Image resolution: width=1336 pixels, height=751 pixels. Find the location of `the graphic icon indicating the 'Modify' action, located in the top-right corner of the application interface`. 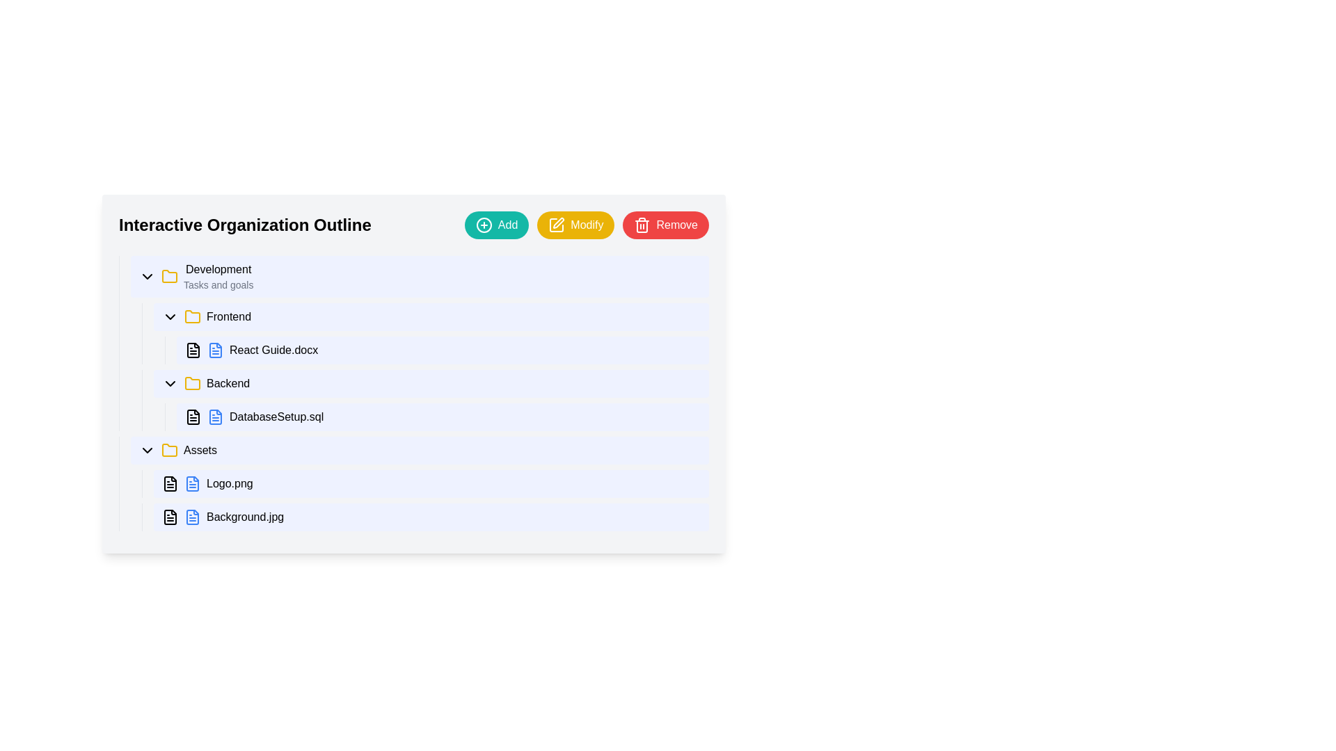

the graphic icon indicating the 'Modify' action, located in the top-right corner of the application interface is located at coordinates (559, 222).